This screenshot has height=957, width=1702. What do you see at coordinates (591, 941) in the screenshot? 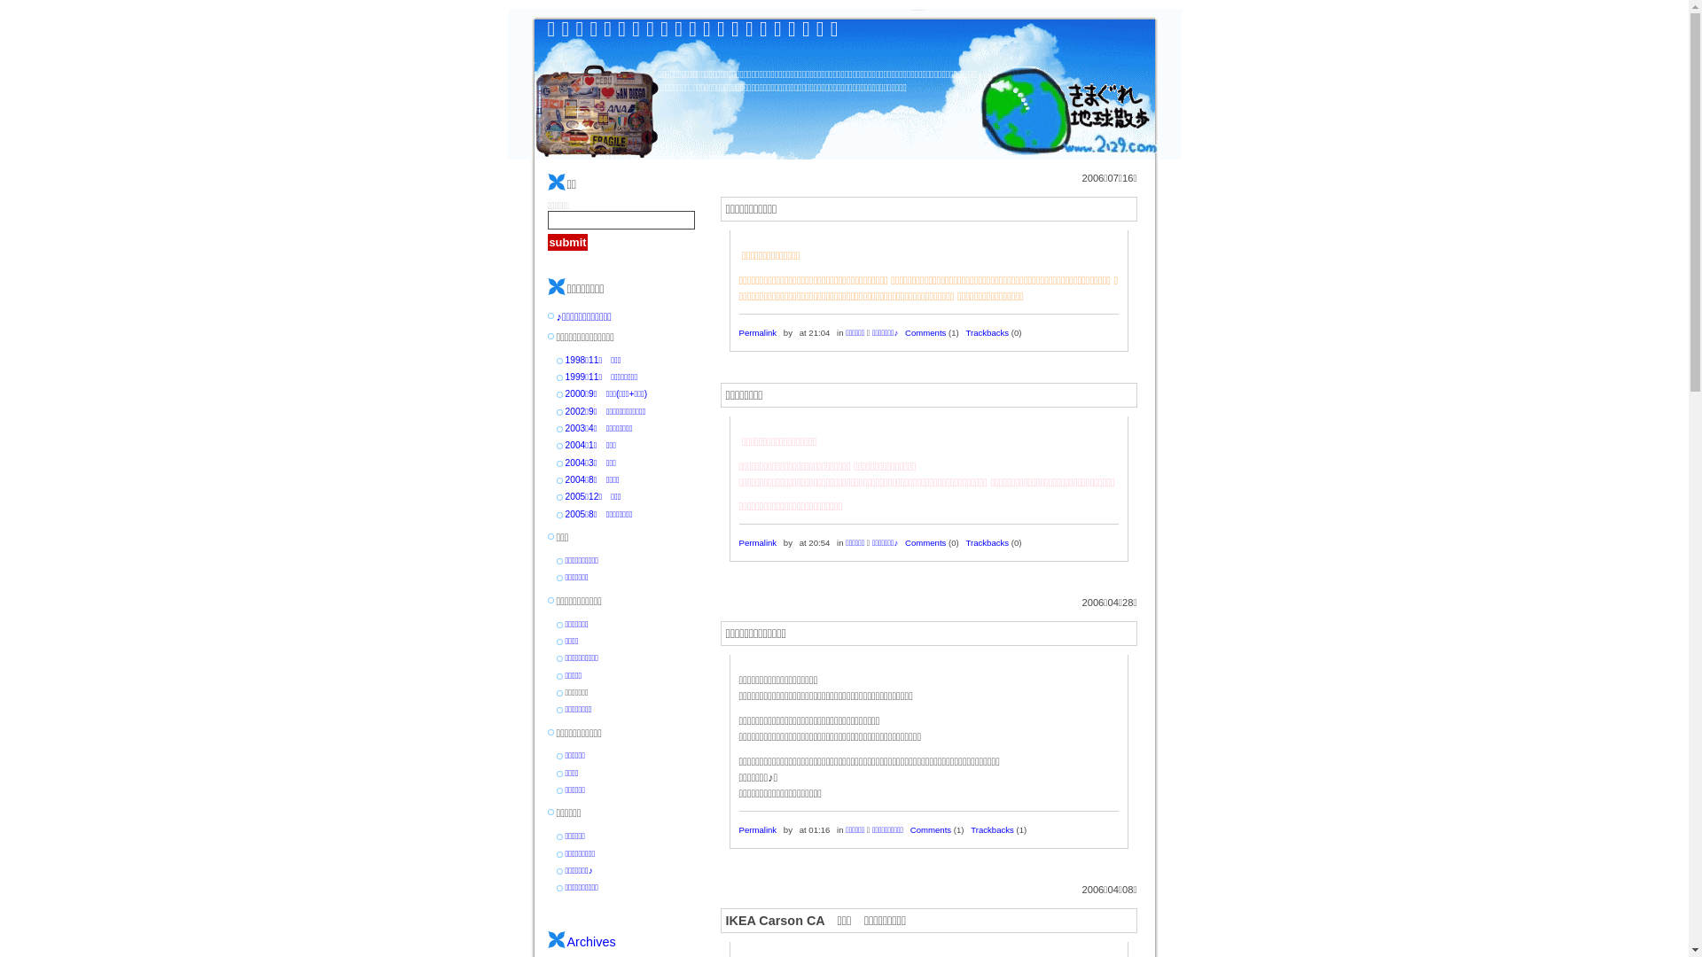
I see `'Archives'` at bounding box center [591, 941].